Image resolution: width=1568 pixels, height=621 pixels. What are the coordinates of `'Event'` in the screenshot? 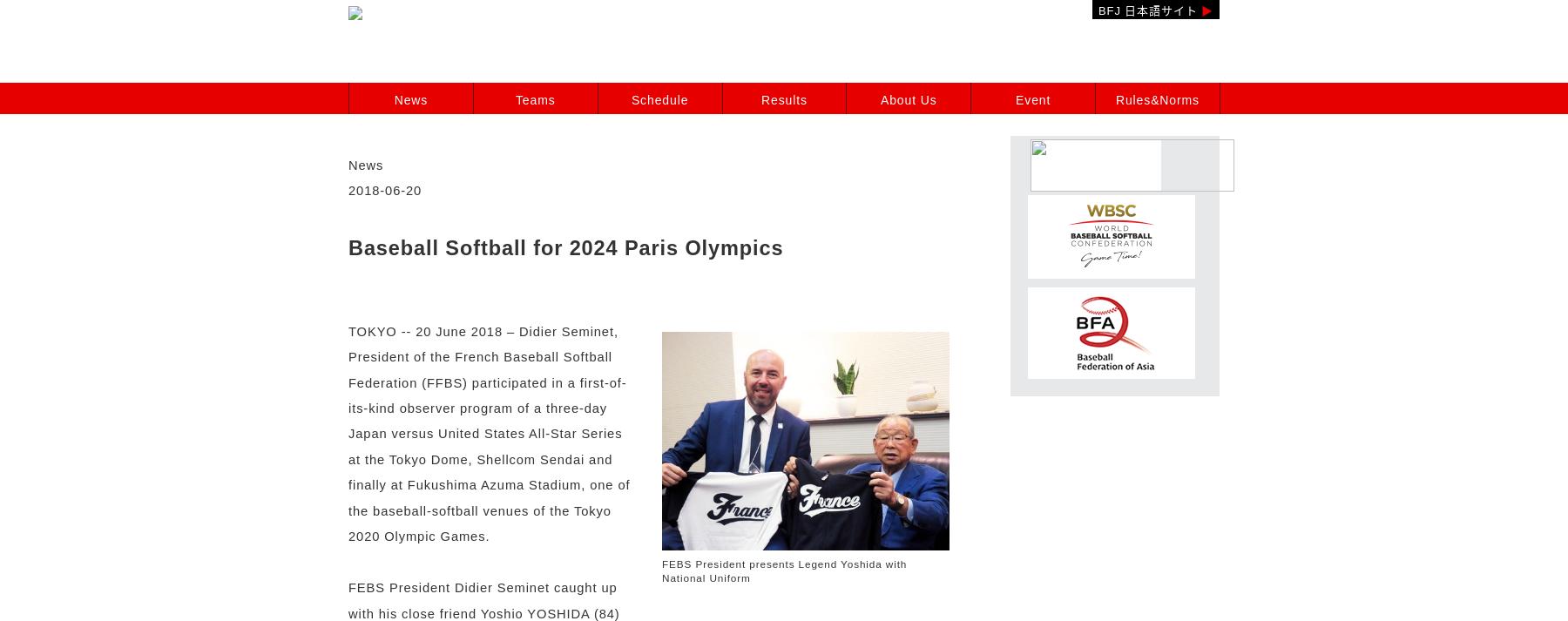 It's located at (1015, 99).